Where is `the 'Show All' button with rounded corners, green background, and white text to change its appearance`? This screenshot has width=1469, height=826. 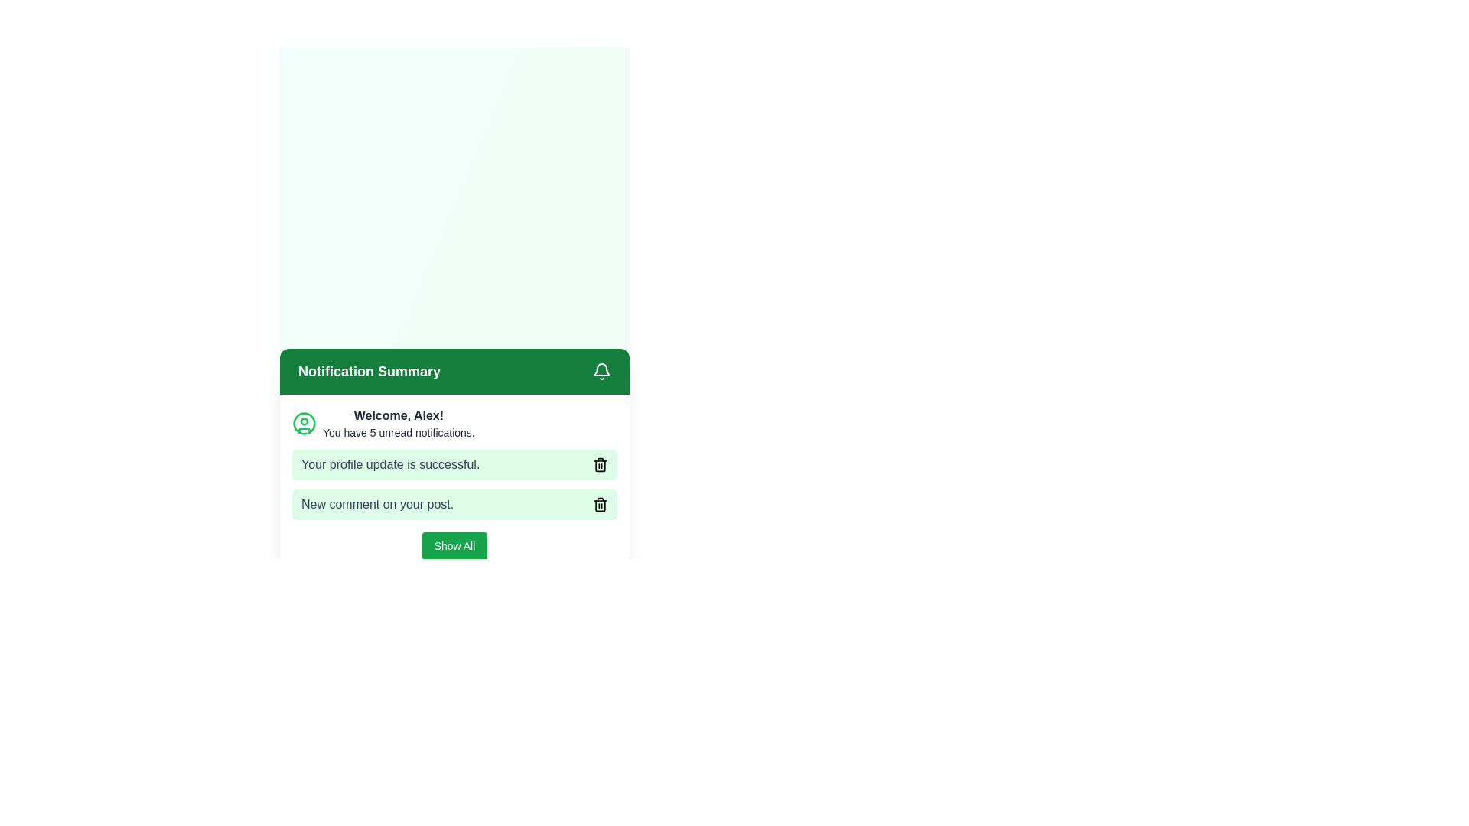
the 'Show All' button with rounded corners, green background, and white text to change its appearance is located at coordinates (454, 545).